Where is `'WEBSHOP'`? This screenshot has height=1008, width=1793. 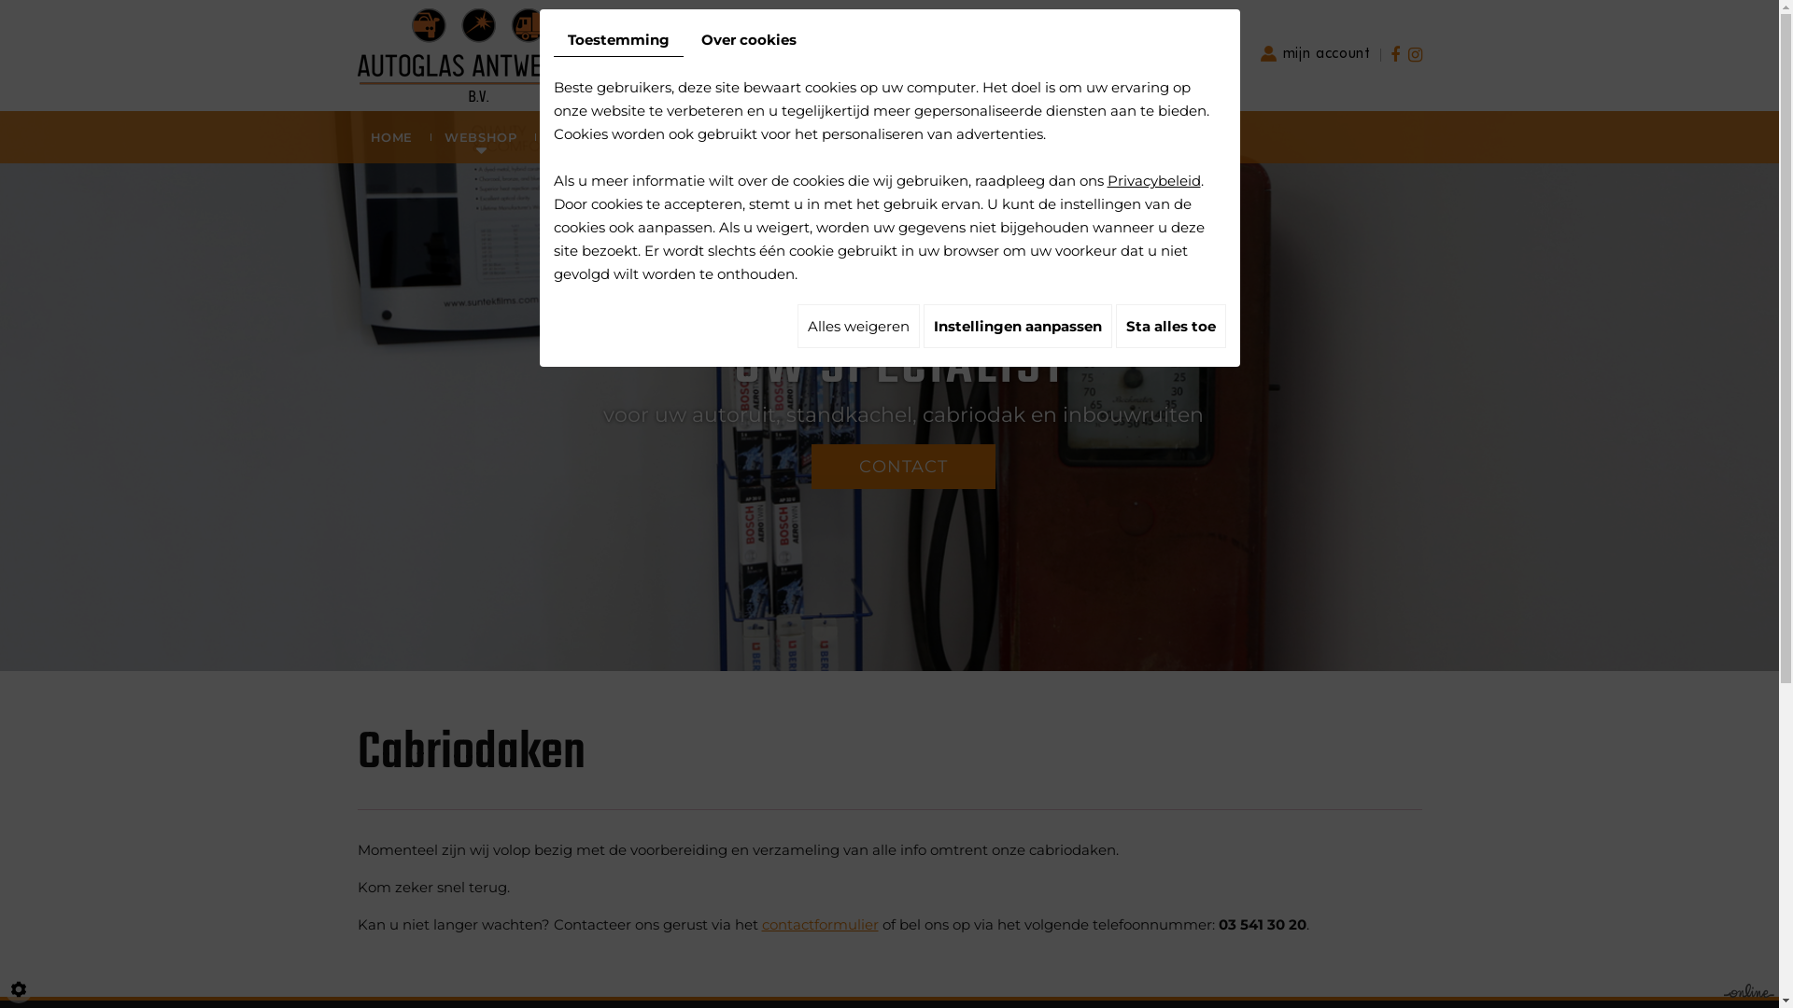
'WEBSHOP' is located at coordinates (425, 135).